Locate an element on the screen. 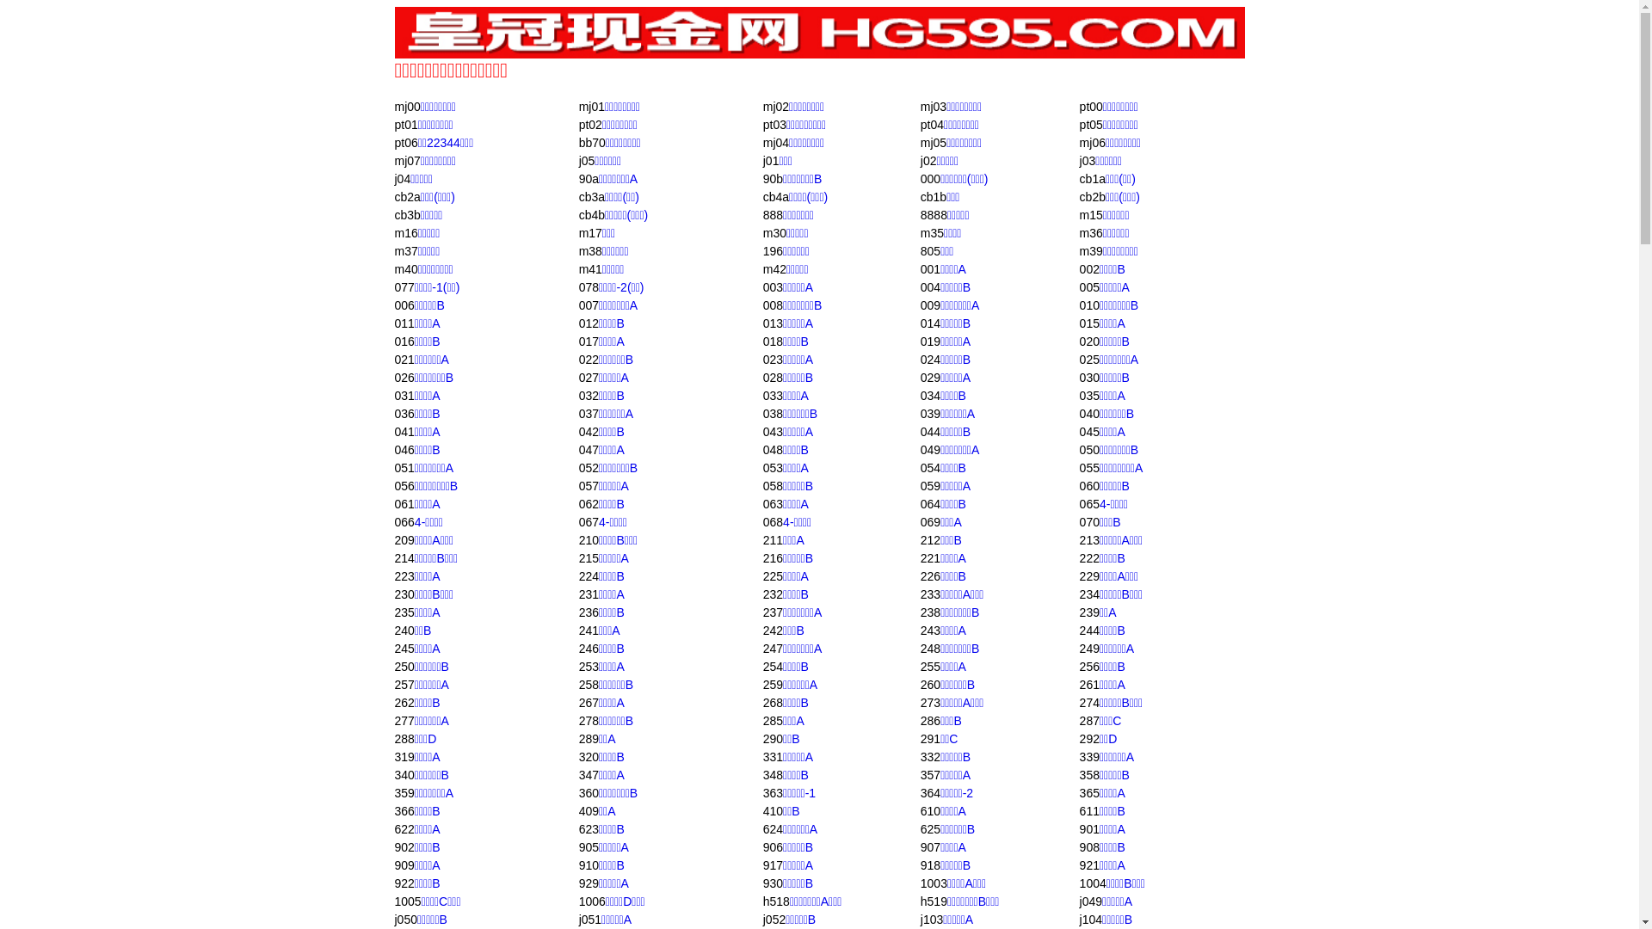 Image resolution: width=1652 pixels, height=929 pixels. '077' is located at coordinates (392, 286).